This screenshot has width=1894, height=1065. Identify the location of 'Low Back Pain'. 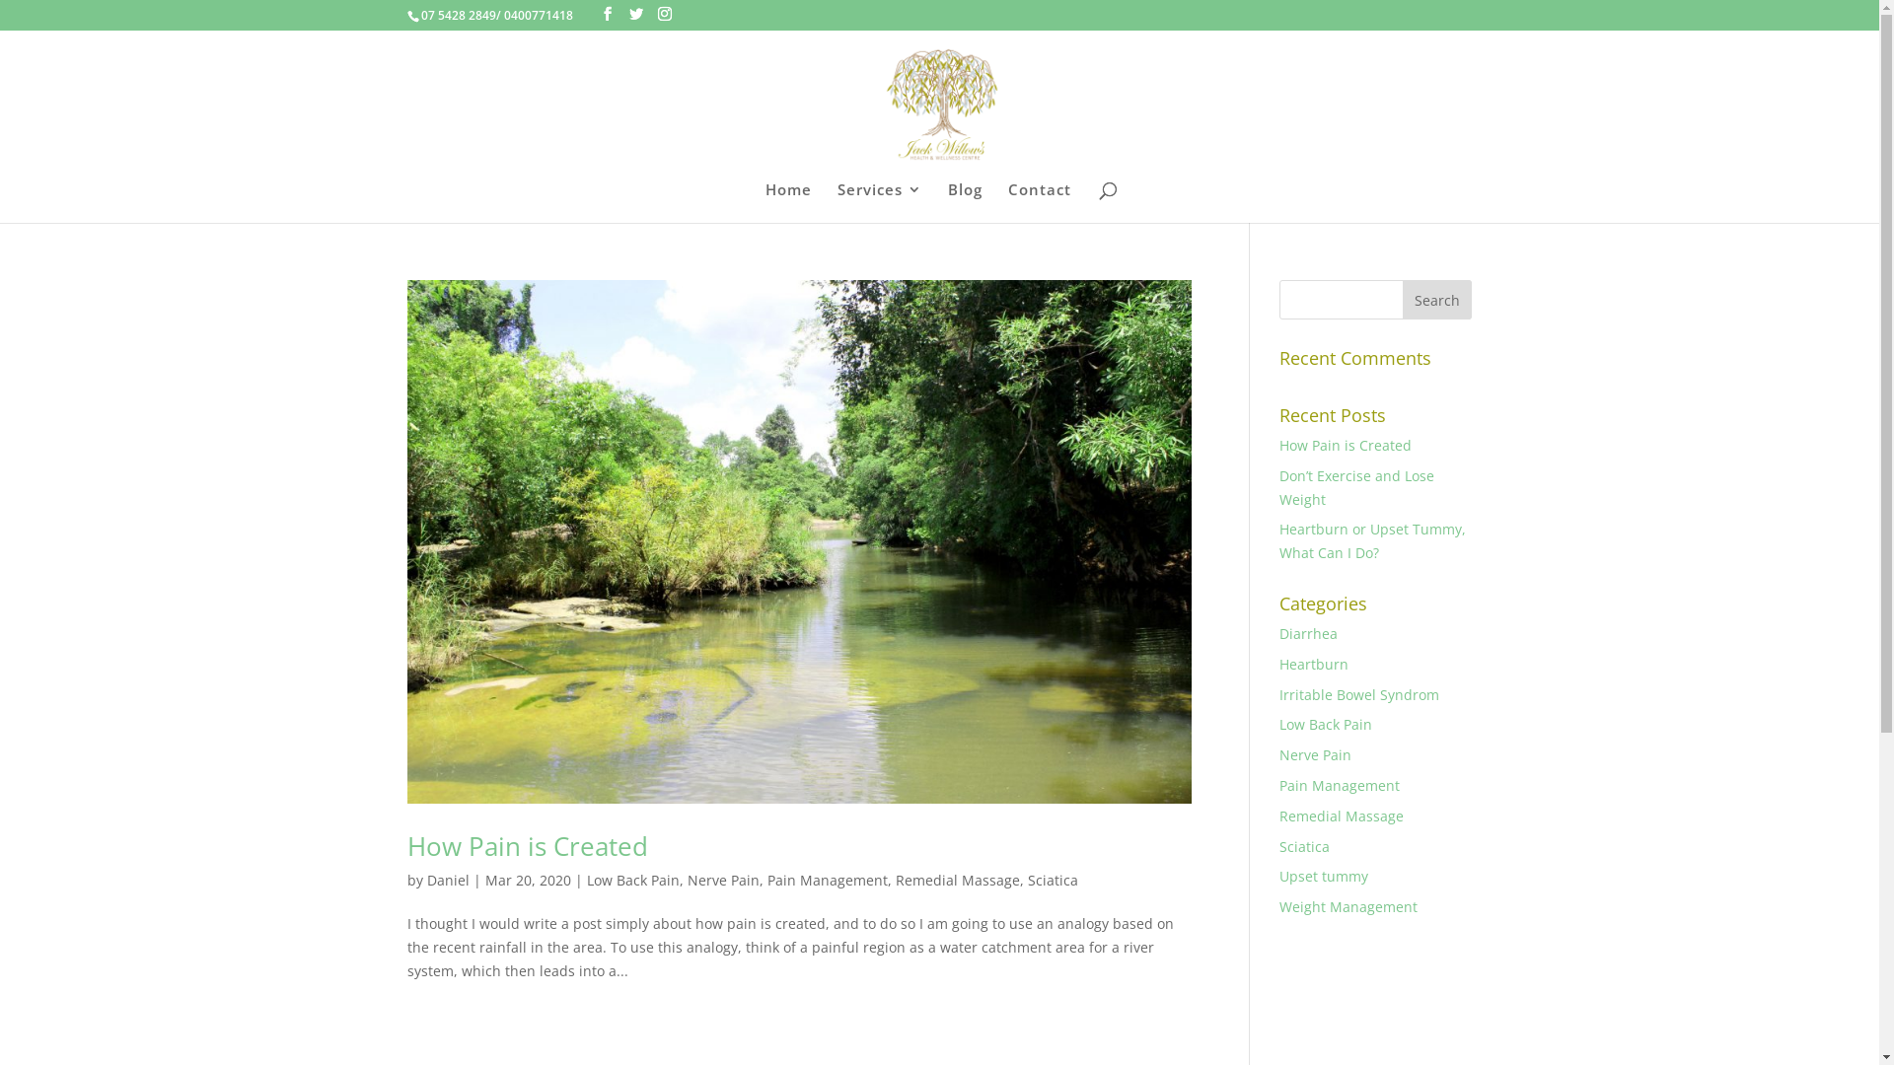
(1326, 724).